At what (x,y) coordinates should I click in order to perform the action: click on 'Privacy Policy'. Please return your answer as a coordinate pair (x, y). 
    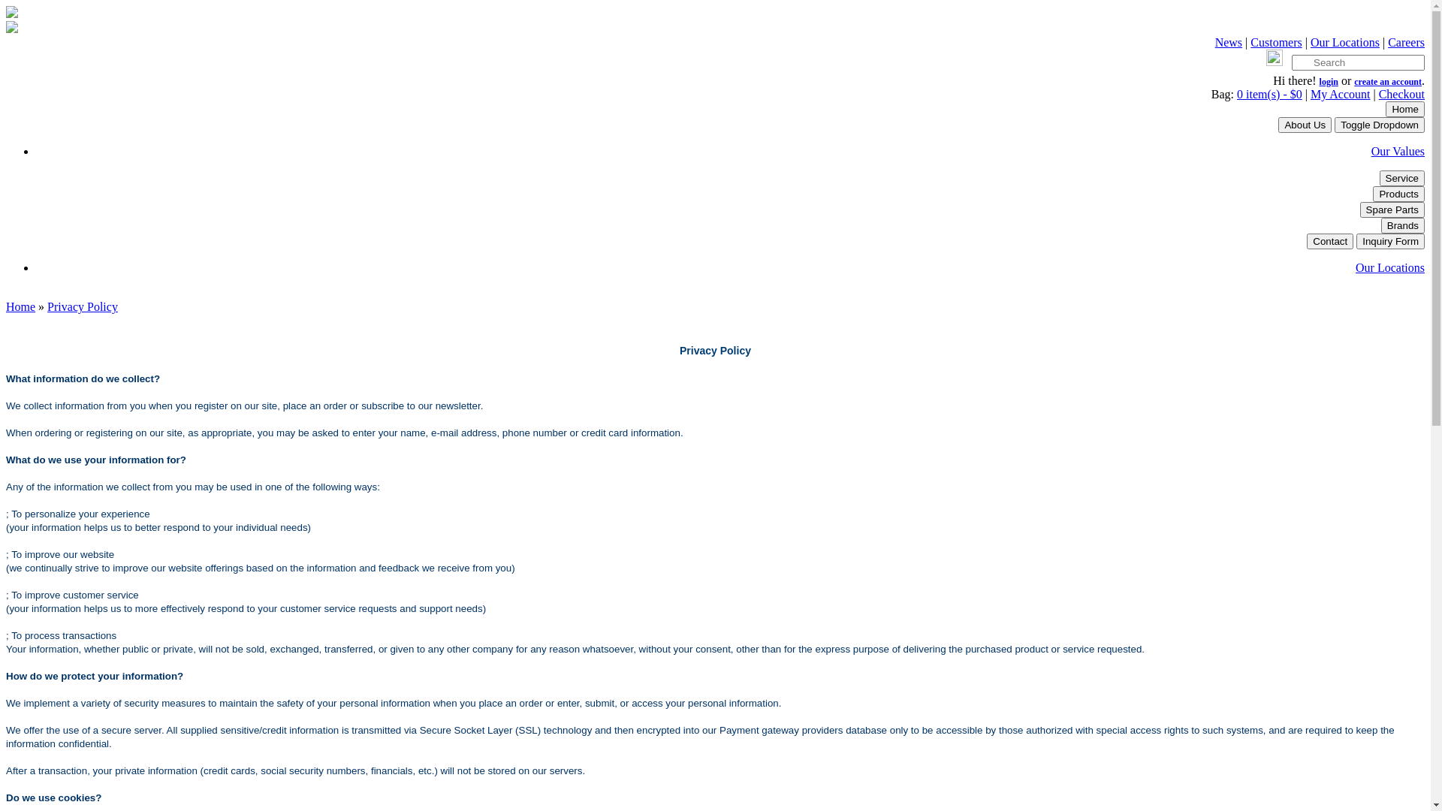
    Looking at the image, I should click on (82, 306).